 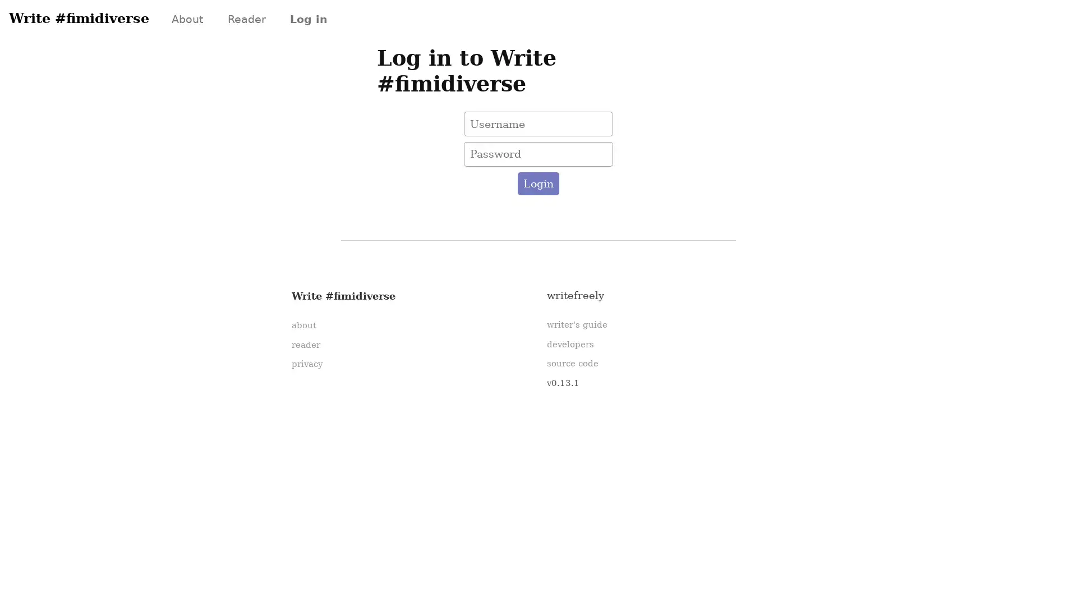 I want to click on Login, so click(x=537, y=183).